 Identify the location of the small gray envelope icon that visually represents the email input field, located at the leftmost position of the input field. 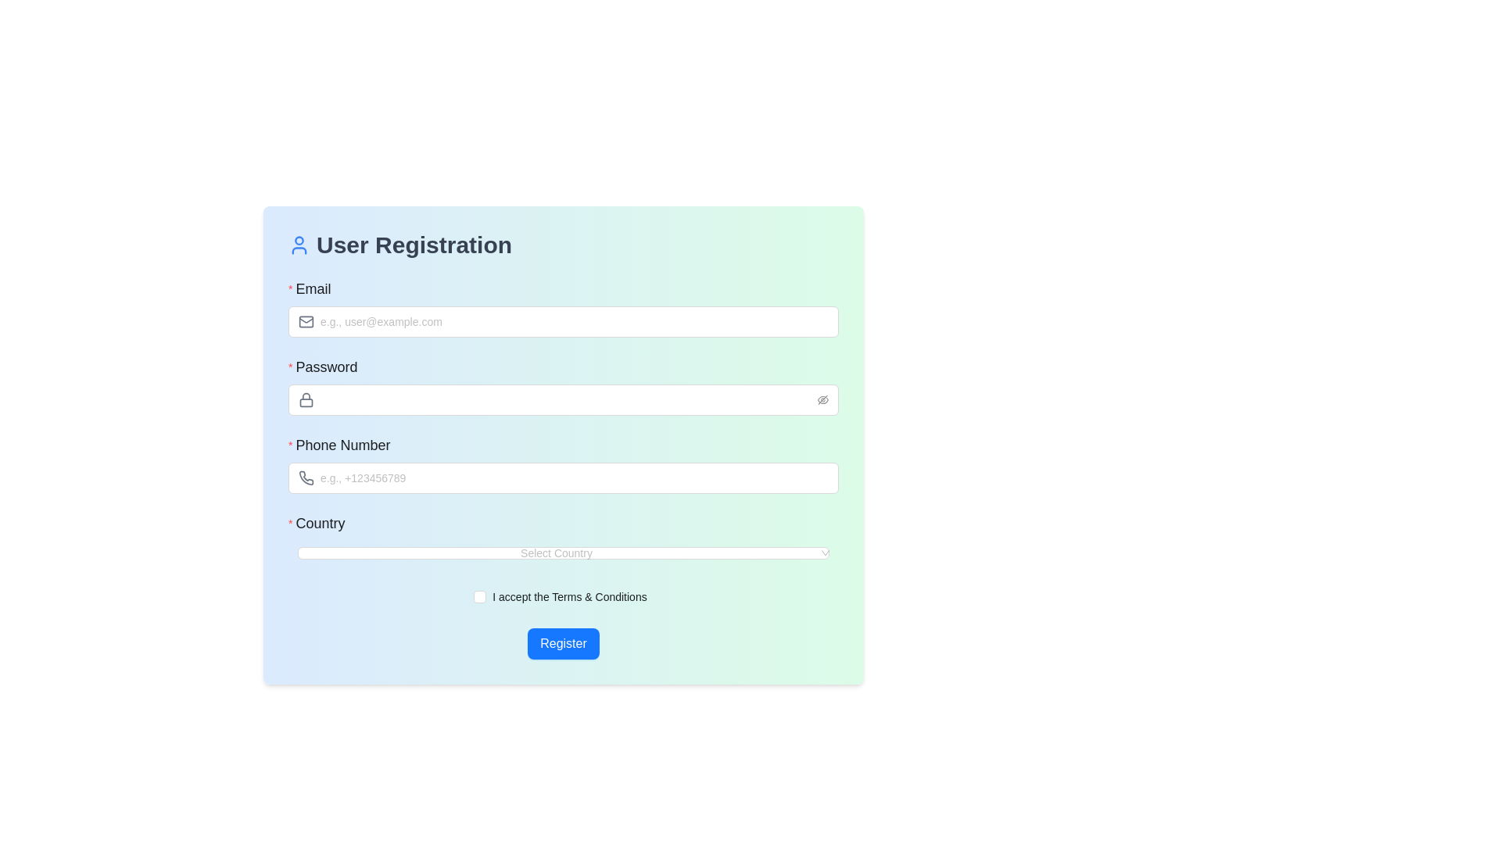
(307, 321).